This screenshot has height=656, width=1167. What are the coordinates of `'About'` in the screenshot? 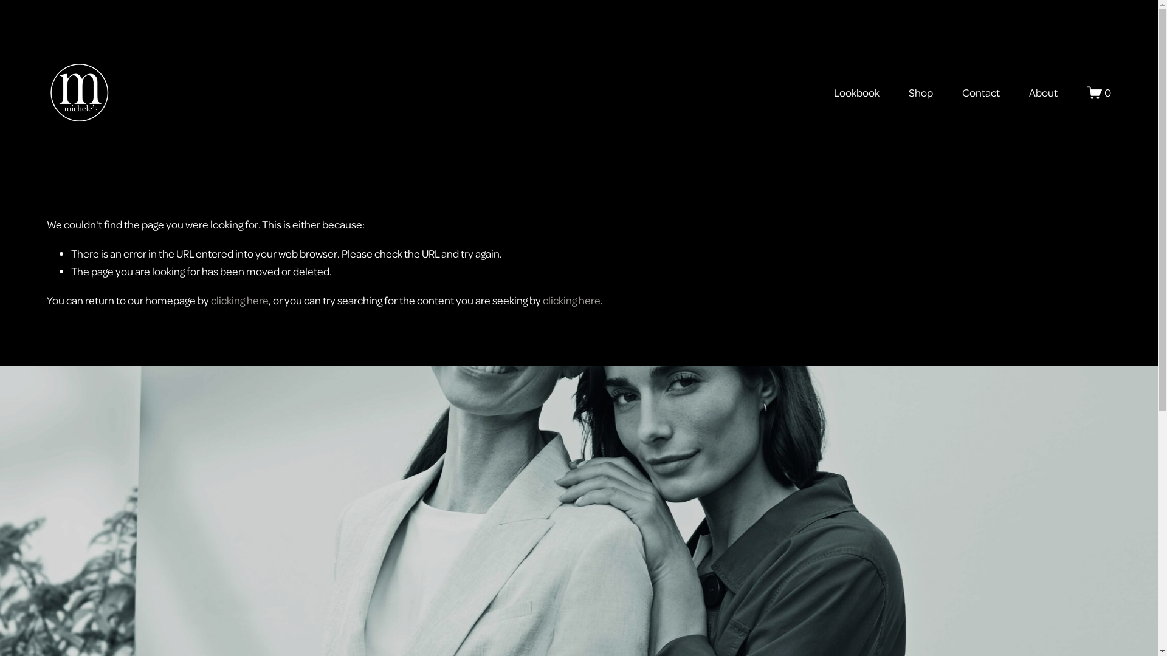 It's located at (1042, 92).